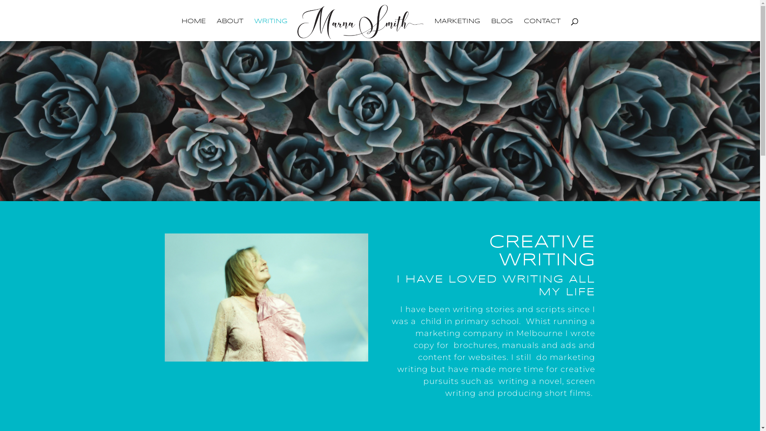 The height and width of the screenshot is (431, 766). I want to click on 'ABOUT', so click(229, 29).